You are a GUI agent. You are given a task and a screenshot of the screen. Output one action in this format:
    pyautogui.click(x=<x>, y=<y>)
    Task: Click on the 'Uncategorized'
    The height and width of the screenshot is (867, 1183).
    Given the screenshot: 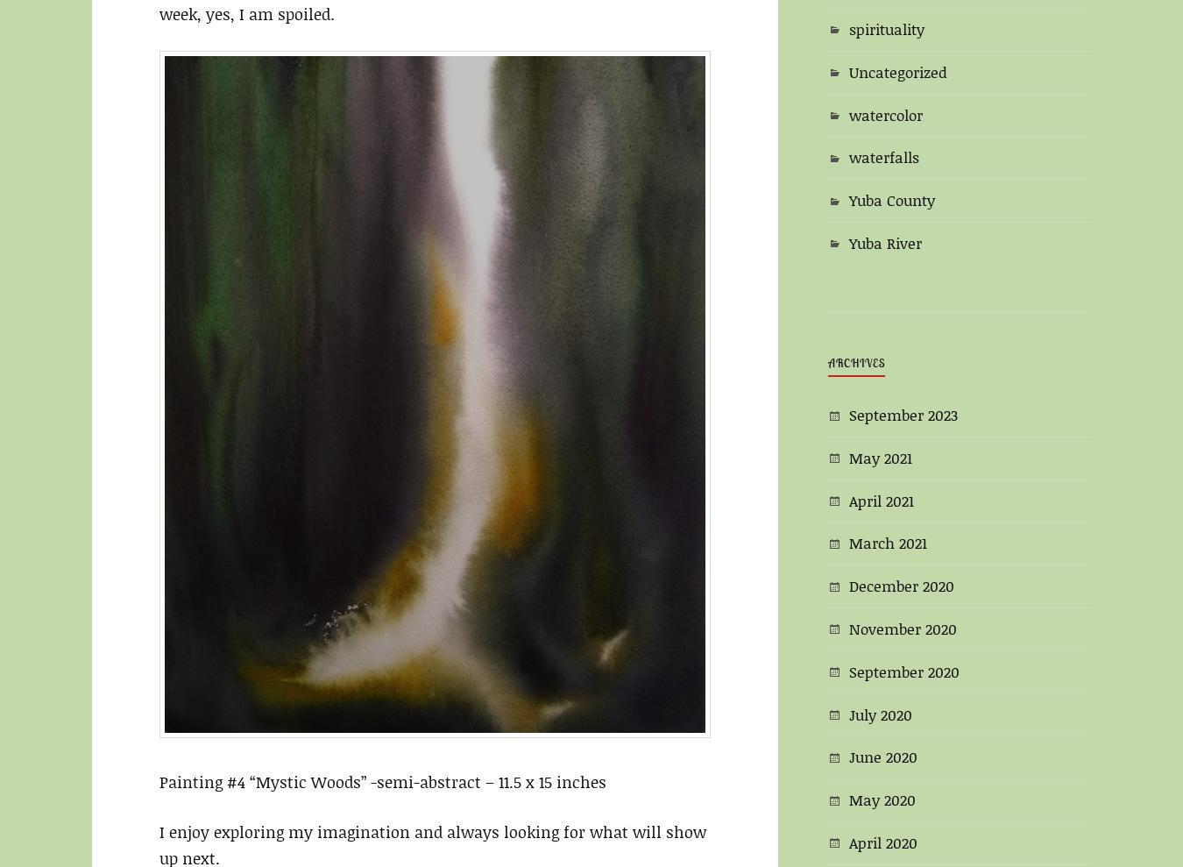 What is the action you would take?
    pyautogui.click(x=898, y=70)
    